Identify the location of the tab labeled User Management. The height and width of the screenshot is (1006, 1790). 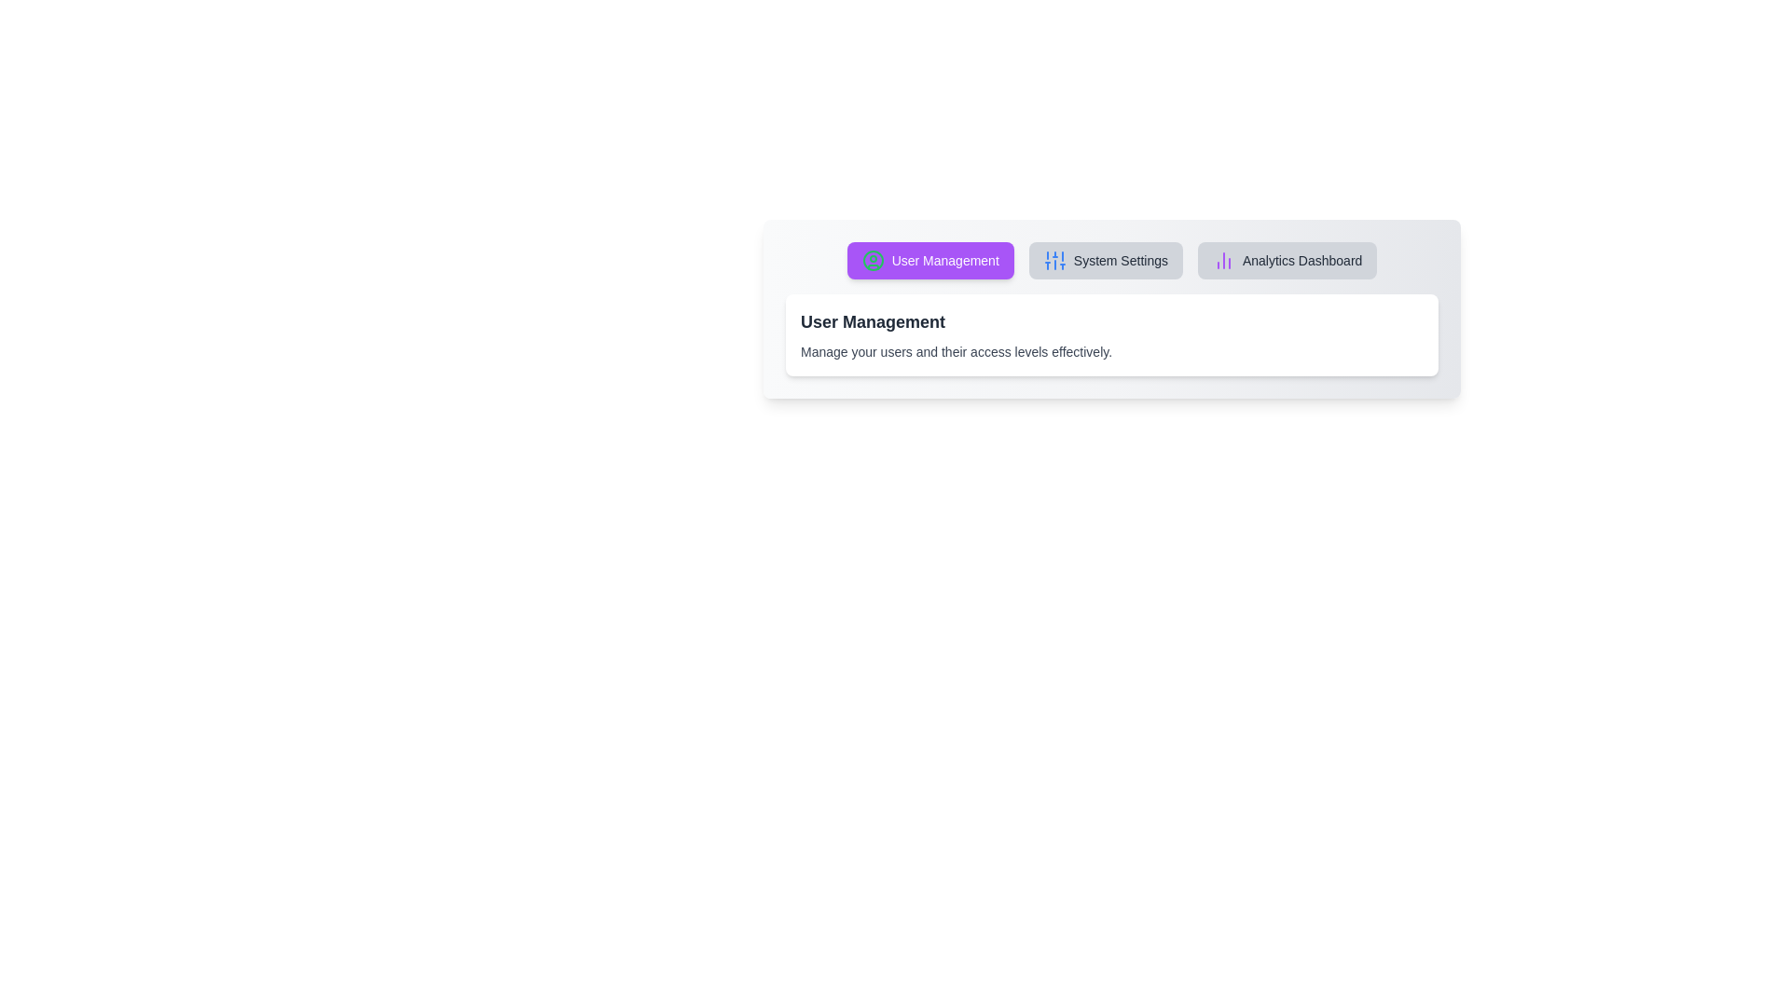
(930, 261).